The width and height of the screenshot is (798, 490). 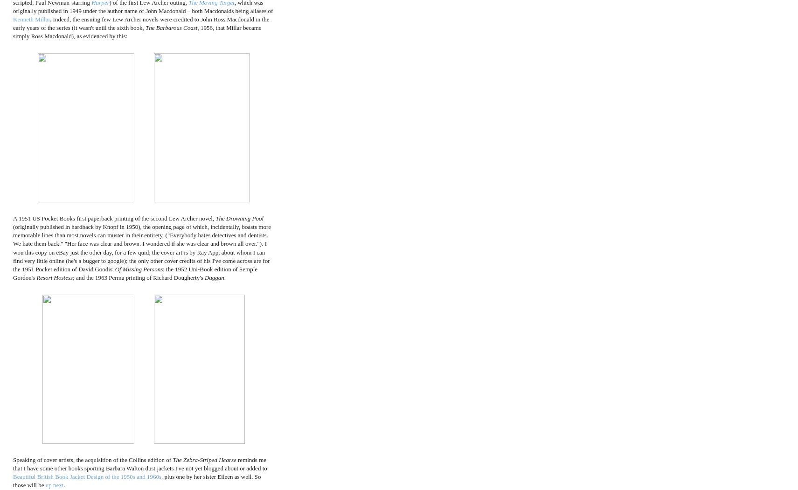 What do you see at coordinates (141, 23) in the screenshot?
I see `'. Indeed, the ensuing few Lew Archer novels were credited to John Ross Macdonald in the early years of the series (it wasn't until the sixth book,'` at bounding box center [141, 23].